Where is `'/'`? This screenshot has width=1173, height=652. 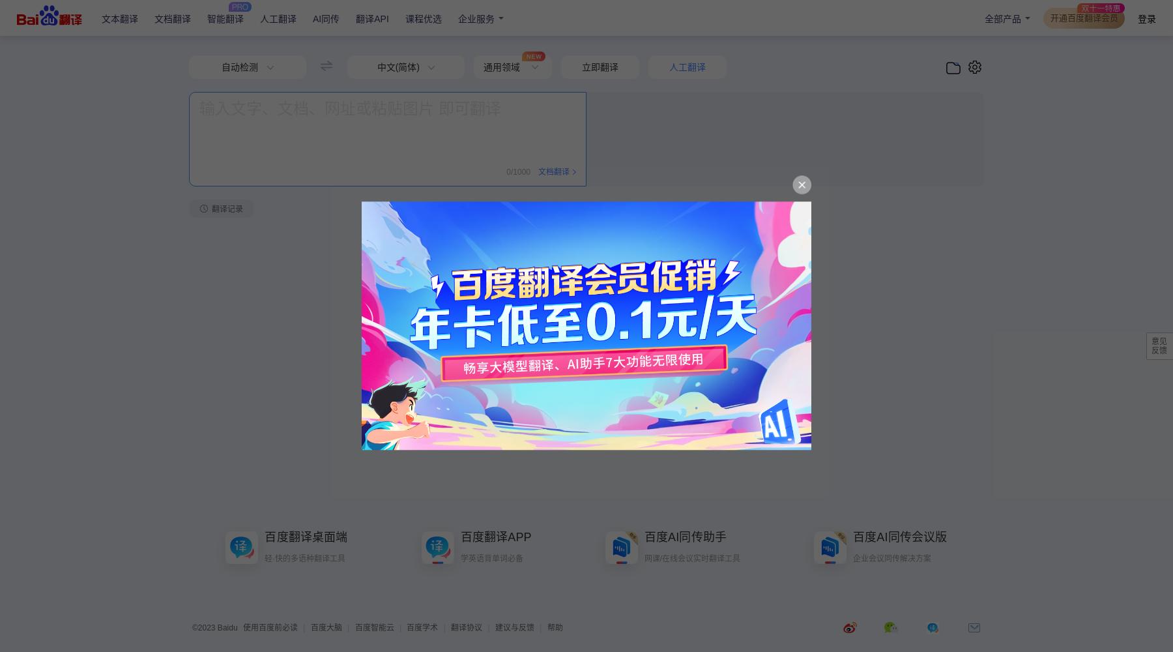
'/' is located at coordinates (510, 172).